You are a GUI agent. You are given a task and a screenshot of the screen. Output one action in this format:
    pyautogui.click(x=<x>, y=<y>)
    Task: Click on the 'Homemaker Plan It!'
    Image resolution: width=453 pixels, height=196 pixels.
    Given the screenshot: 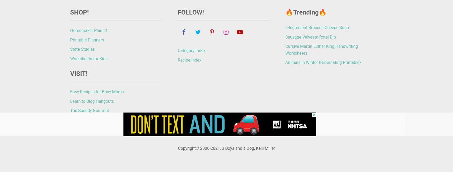 What is the action you would take?
    pyautogui.click(x=88, y=30)
    